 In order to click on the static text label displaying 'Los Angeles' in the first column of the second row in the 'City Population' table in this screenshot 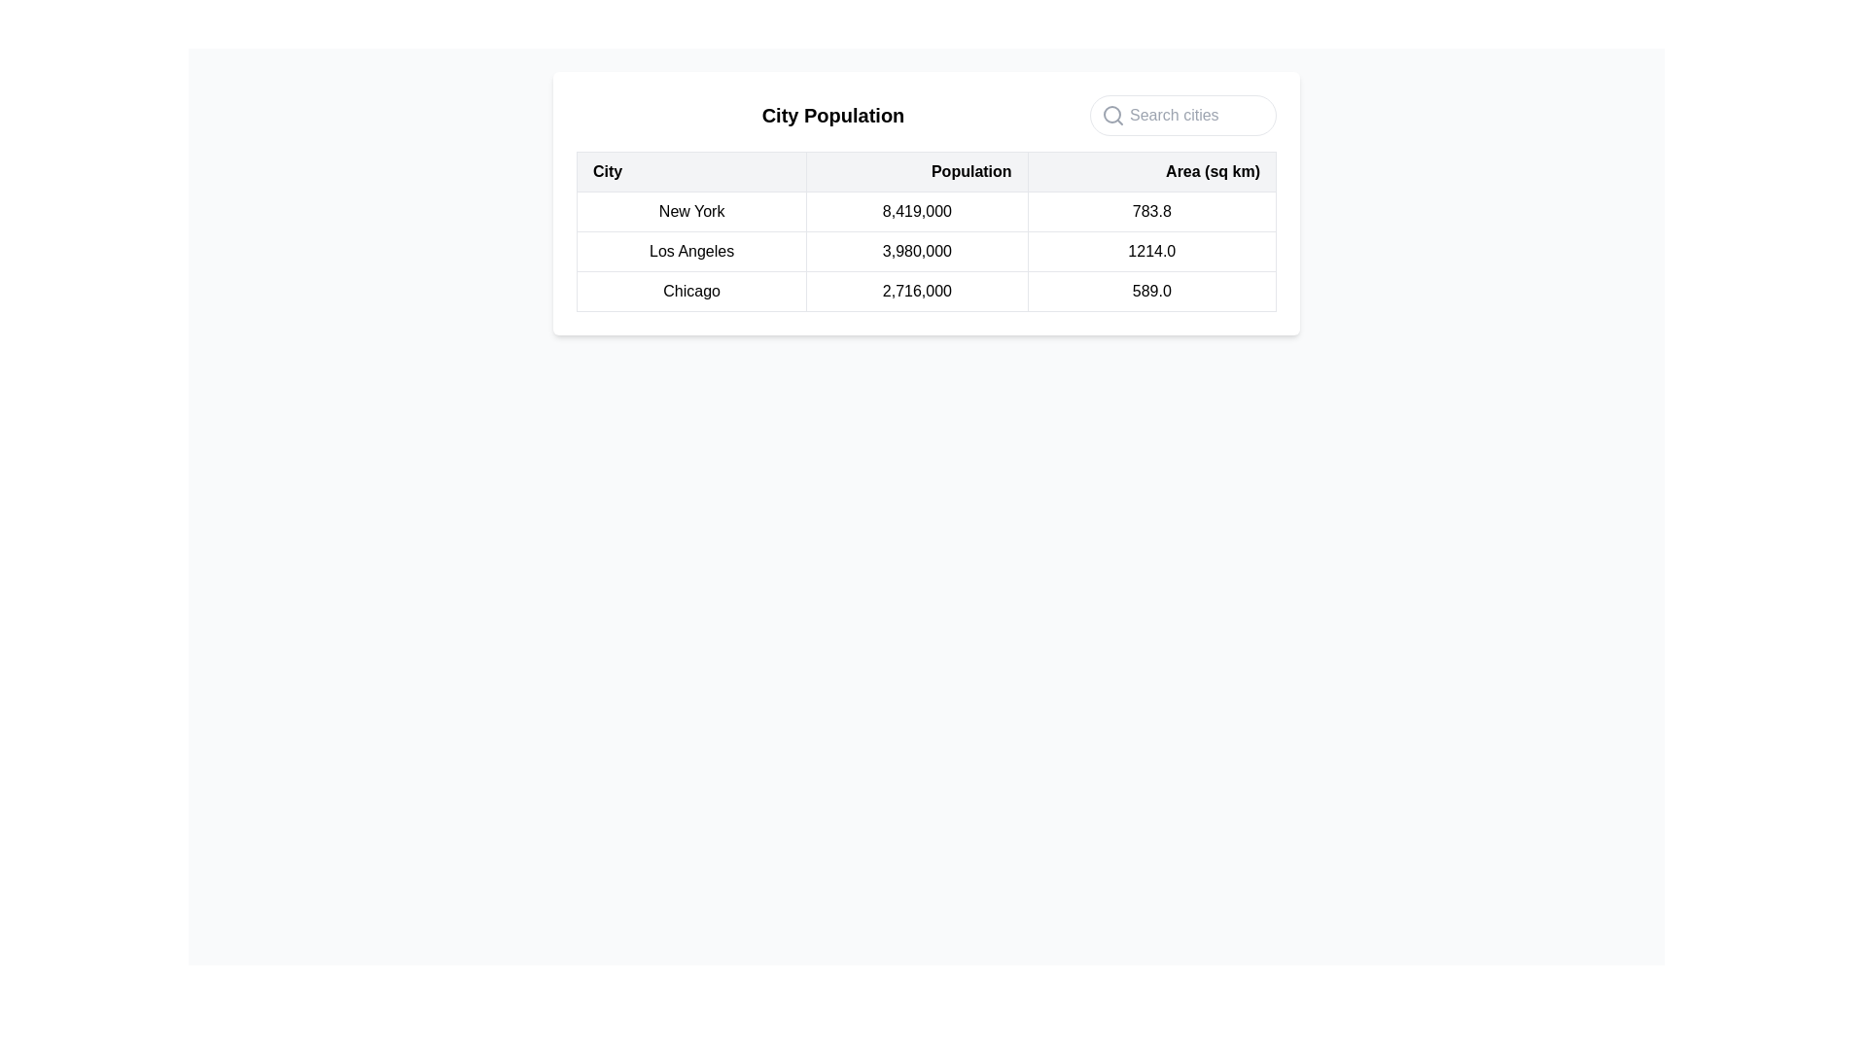, I will do `click(691, 250)`.